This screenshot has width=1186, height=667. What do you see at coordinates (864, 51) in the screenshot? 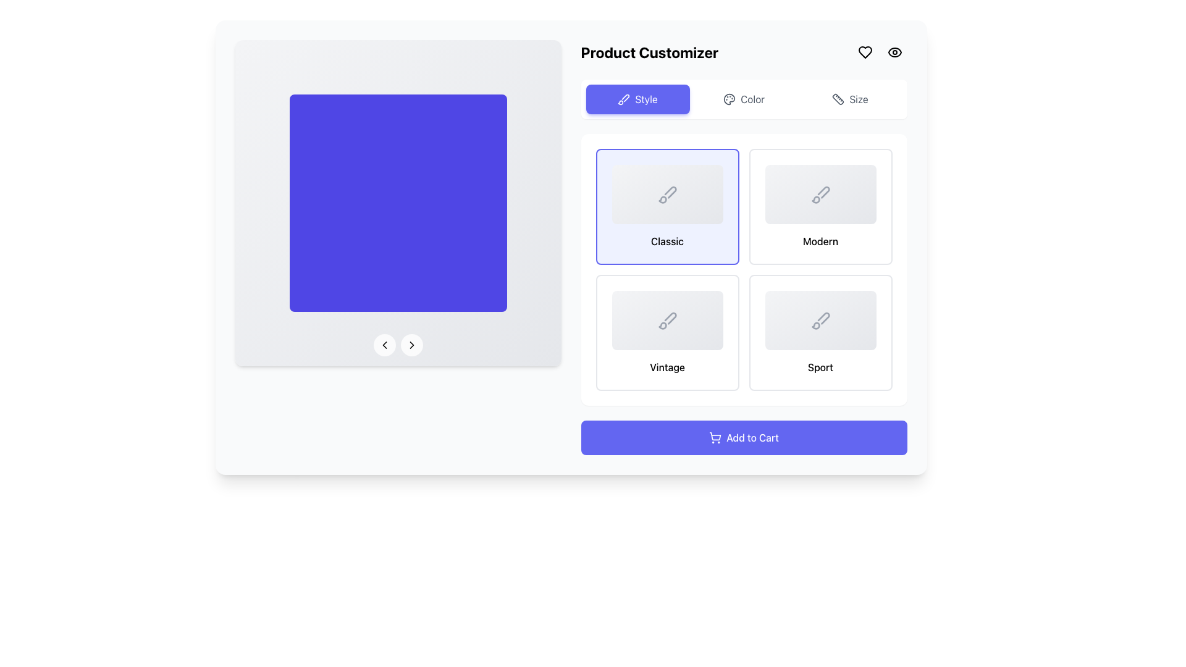
I see `the heart-shaped icon with a black outline located in the top-right section of the interface to potentially reveal a tooltip` at bounding box center [864, 51].